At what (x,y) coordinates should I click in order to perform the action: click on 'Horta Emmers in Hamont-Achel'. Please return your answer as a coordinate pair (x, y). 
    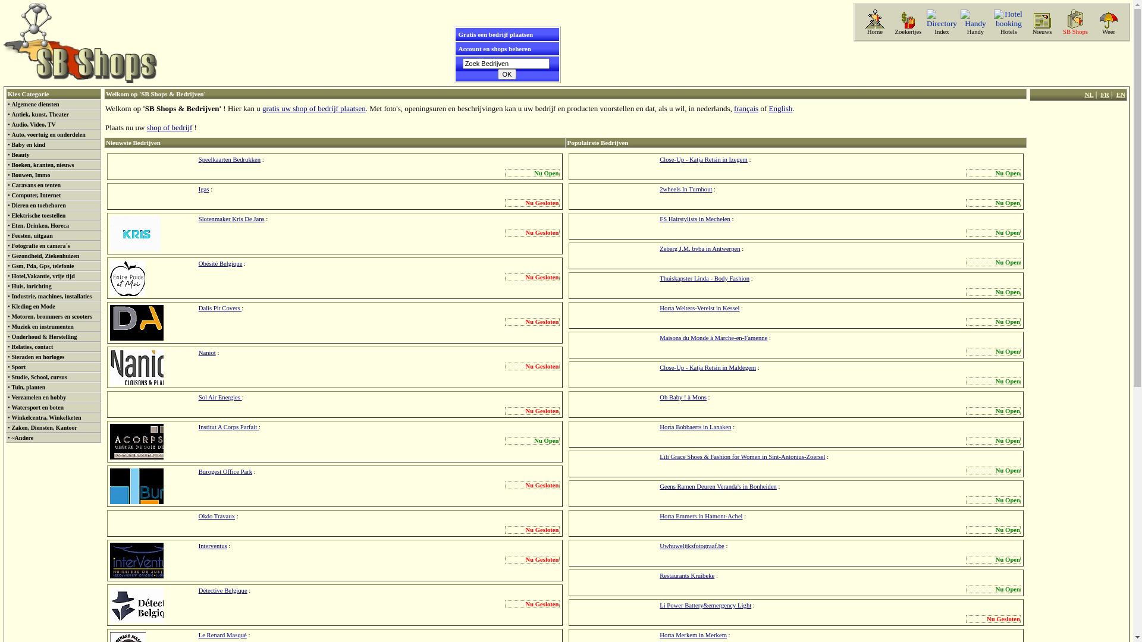
    Looking at the image, I should click on (701, 515).